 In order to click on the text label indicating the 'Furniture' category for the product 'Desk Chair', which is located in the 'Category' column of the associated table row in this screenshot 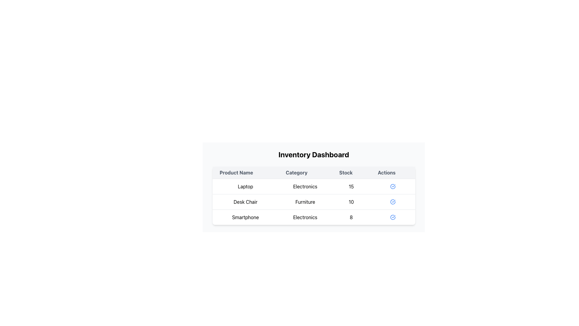, I will do `click(305, 202)`.